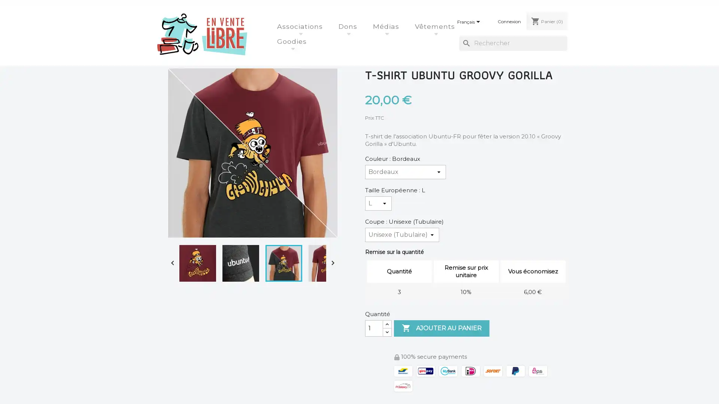 This screenshot has width=719, height=404. I want to click on AJOUTER AU PANIER, so click(442, 327).